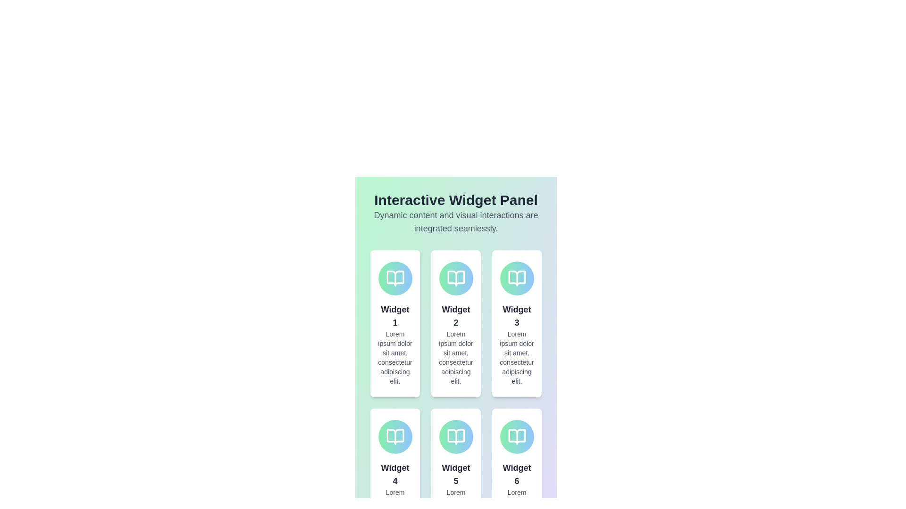 The height and width of the screenshot is (509, 906). What do you see at coordinates (456, 323) in the screenshot?
I see `to select the second card-like informational widget labeled 'Widget 2', which has a gradient-filled circle with a book icon at the top and is located in the first row of a 3-column layout` at bounding box center [456, 323].